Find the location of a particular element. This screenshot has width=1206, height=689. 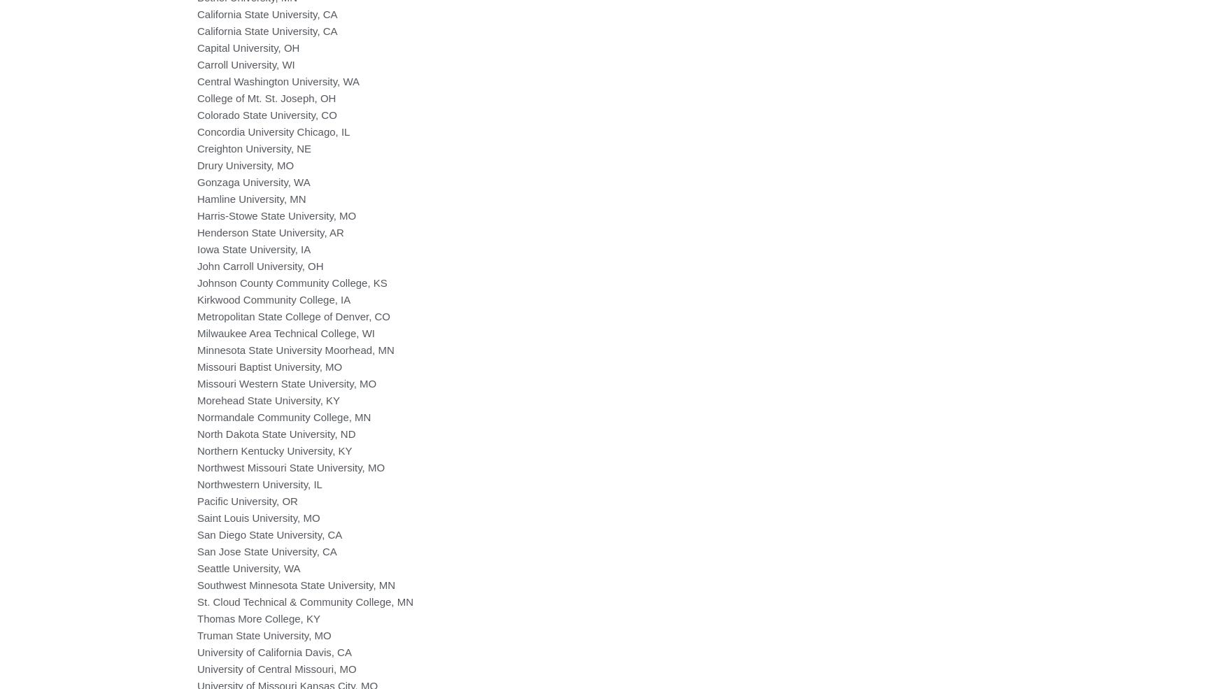

'Carroll University, WI' is located at coordinates (246, 63).